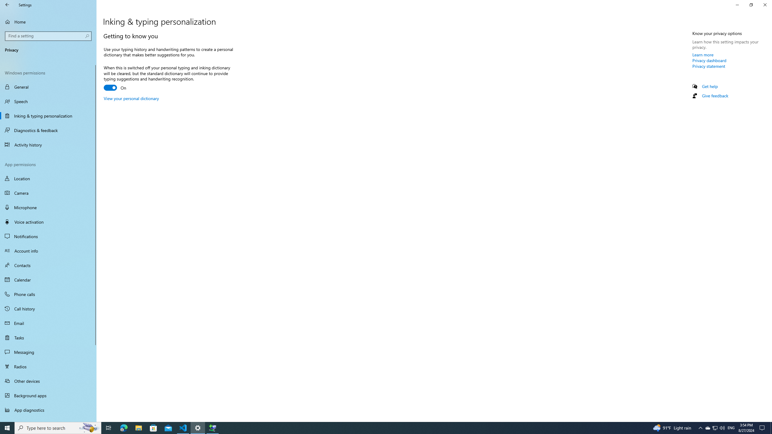 This screenshot has width=772, height=434. Describe the element at coordinates (48, 308) in the screenshot. I see `'Call history'` at that location.